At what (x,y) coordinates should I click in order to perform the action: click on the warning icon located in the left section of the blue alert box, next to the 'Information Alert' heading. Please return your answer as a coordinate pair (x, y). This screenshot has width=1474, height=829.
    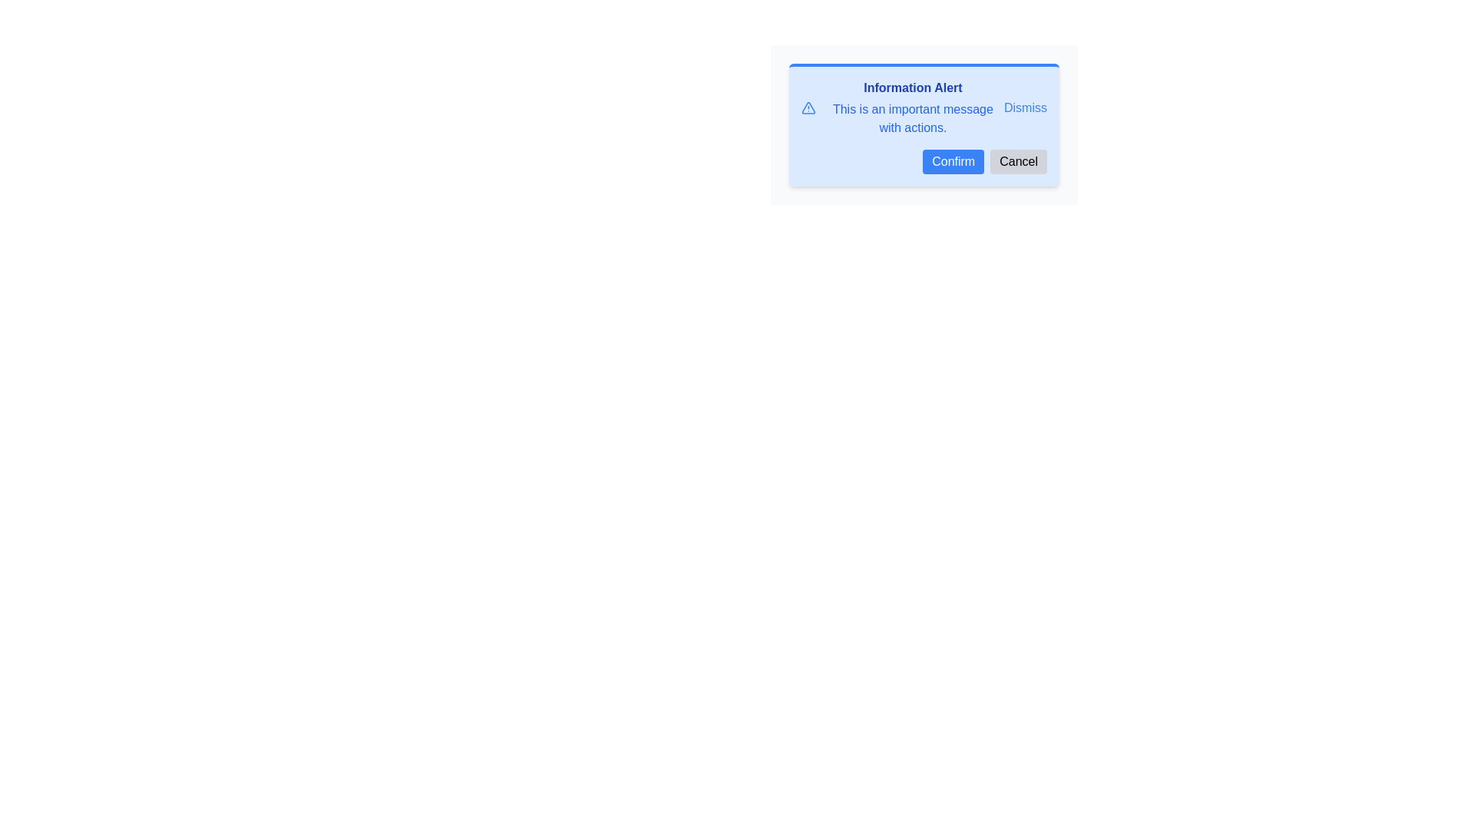
    Looking at the image, I should click on (808, 107).